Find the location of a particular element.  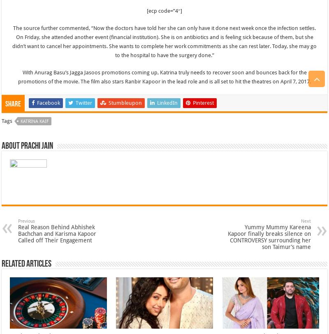

'Yummy Mummy Kareena Kapoor finally breaks silence on CONTROVERSY surrounding her son Taimur’s name' is located at coordinates (269, 237).